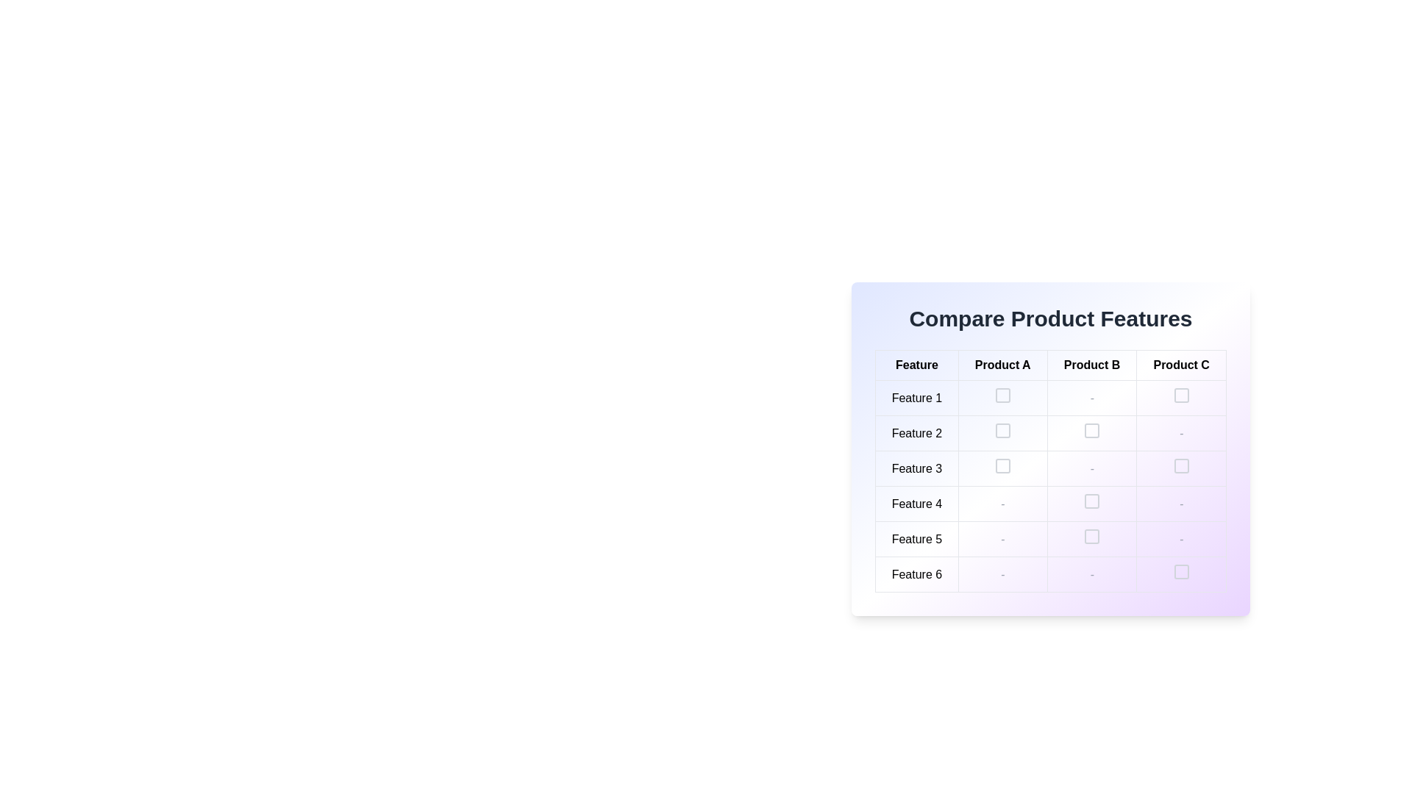 The width and height of the screenshot is (1412, 794). What do you see at coordinates (1181, 571) in the screenshot?
I see `the interactive checkbox for feature 6 of product C, located at the intersection of the 'Product C' column and 'Feature 6' row` at bounding box center [1181, 571].